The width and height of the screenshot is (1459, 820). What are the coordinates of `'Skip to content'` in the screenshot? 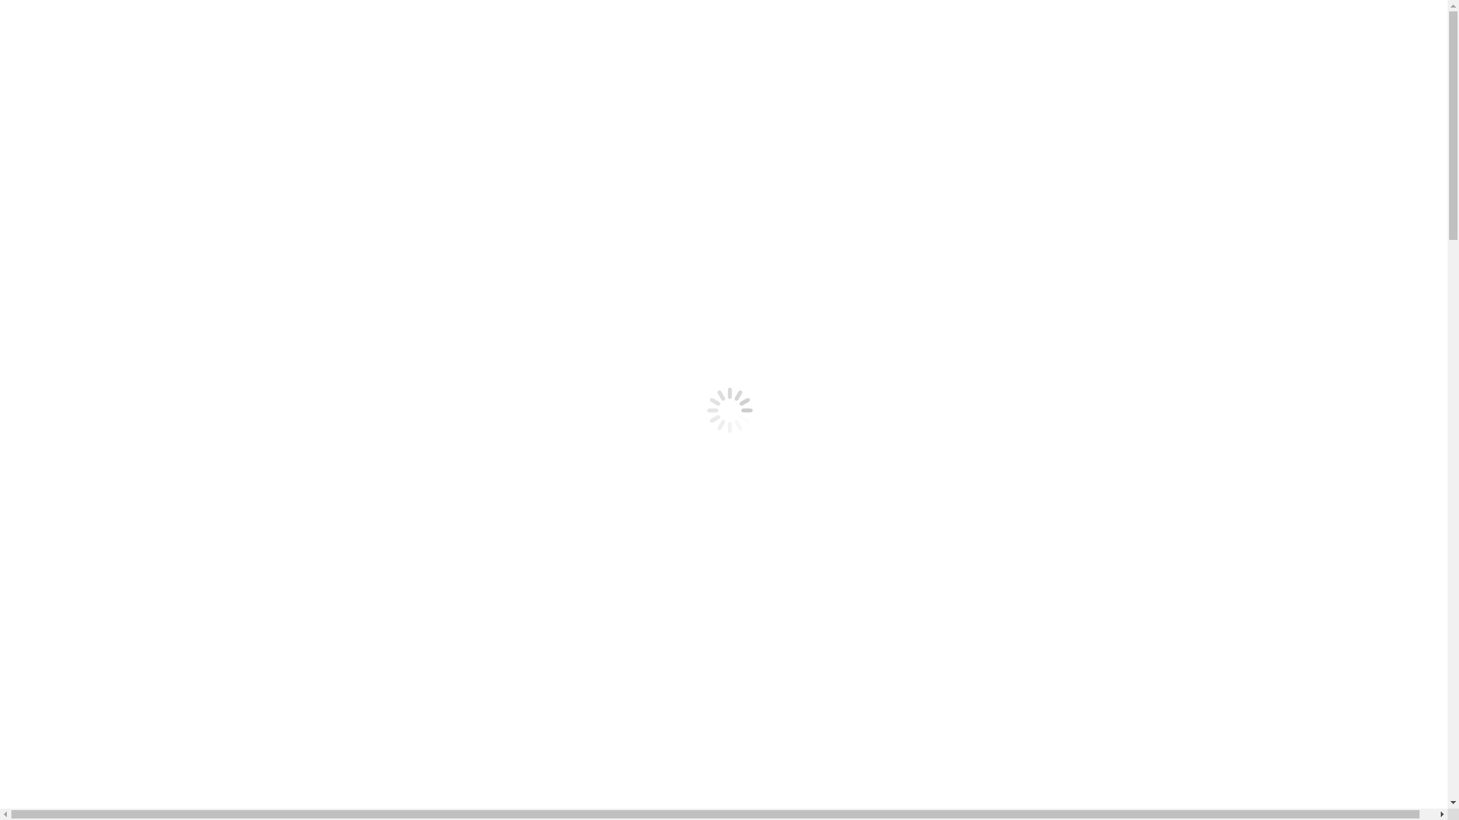 It's located at (43, 12).